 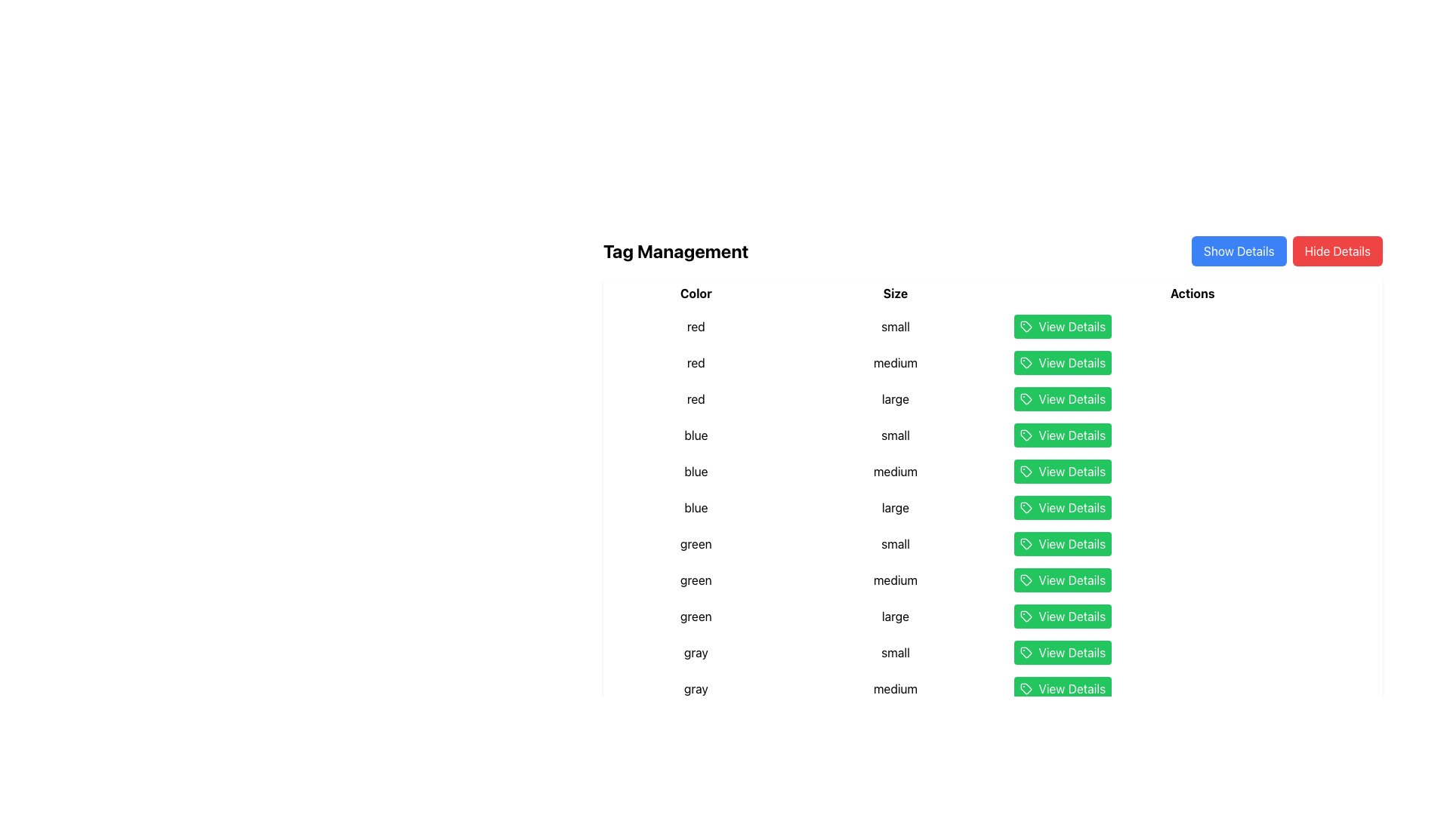 What do you see at coordinates (1062, 435) in the screenshot?
I see `the button in the 'Actions' column of the row associated with the 'blue' color and 'small' size attributes` at bounding box center [1062, 435].